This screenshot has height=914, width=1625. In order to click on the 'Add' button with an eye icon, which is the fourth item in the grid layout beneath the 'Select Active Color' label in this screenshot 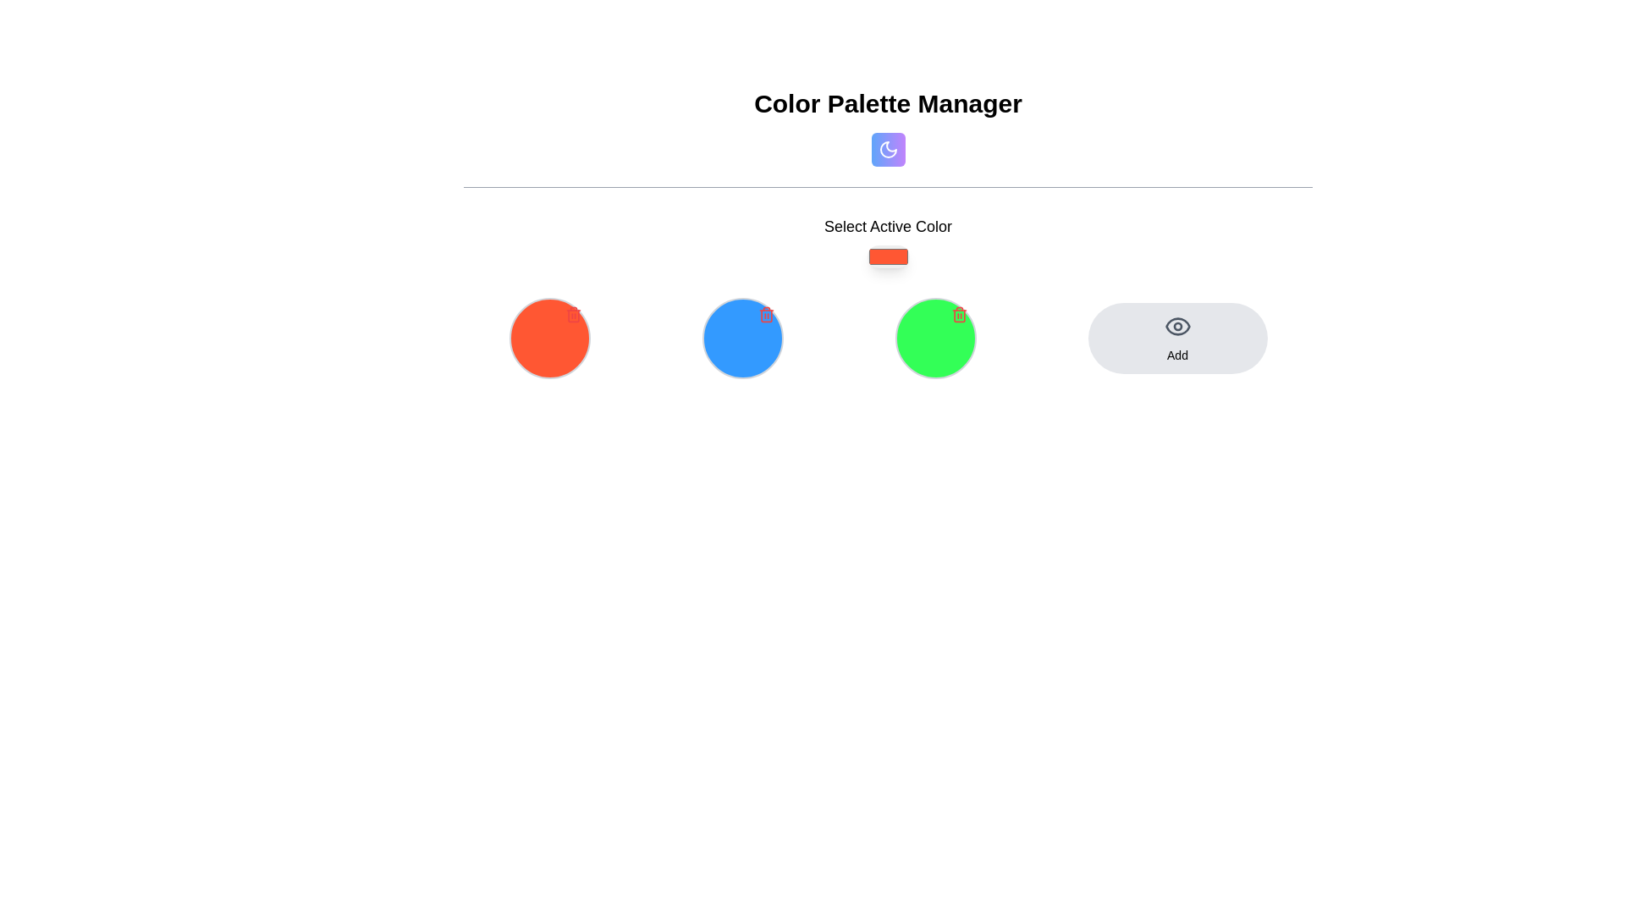, I will do `click(1176, 339)`.